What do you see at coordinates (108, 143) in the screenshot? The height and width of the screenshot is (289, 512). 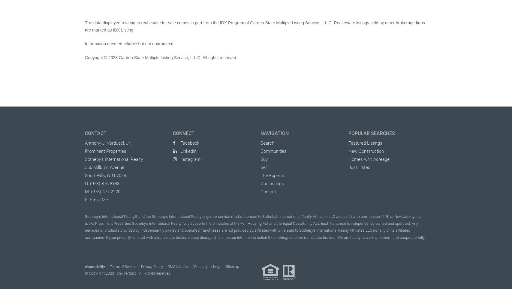 I see `'Anthony J. Verducci, Jr.'` at bounding box center [108, 143].